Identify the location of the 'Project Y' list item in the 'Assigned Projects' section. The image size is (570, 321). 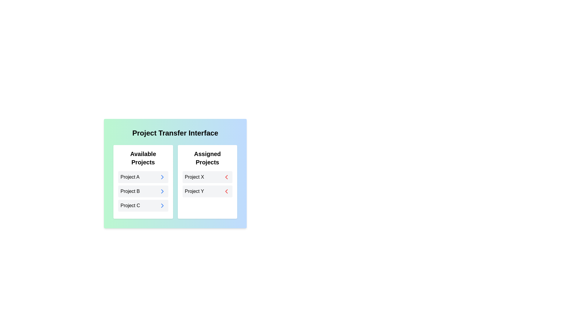
(207, 191).